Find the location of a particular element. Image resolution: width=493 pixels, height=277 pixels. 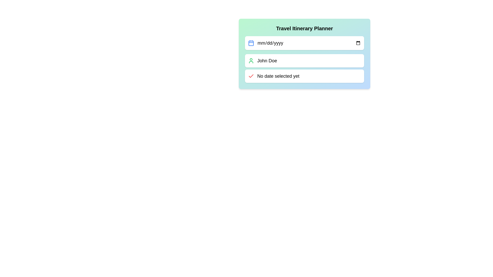

the red checkmark icon associated with the text 'No date selected yet' is located at coordinates (251, 76).